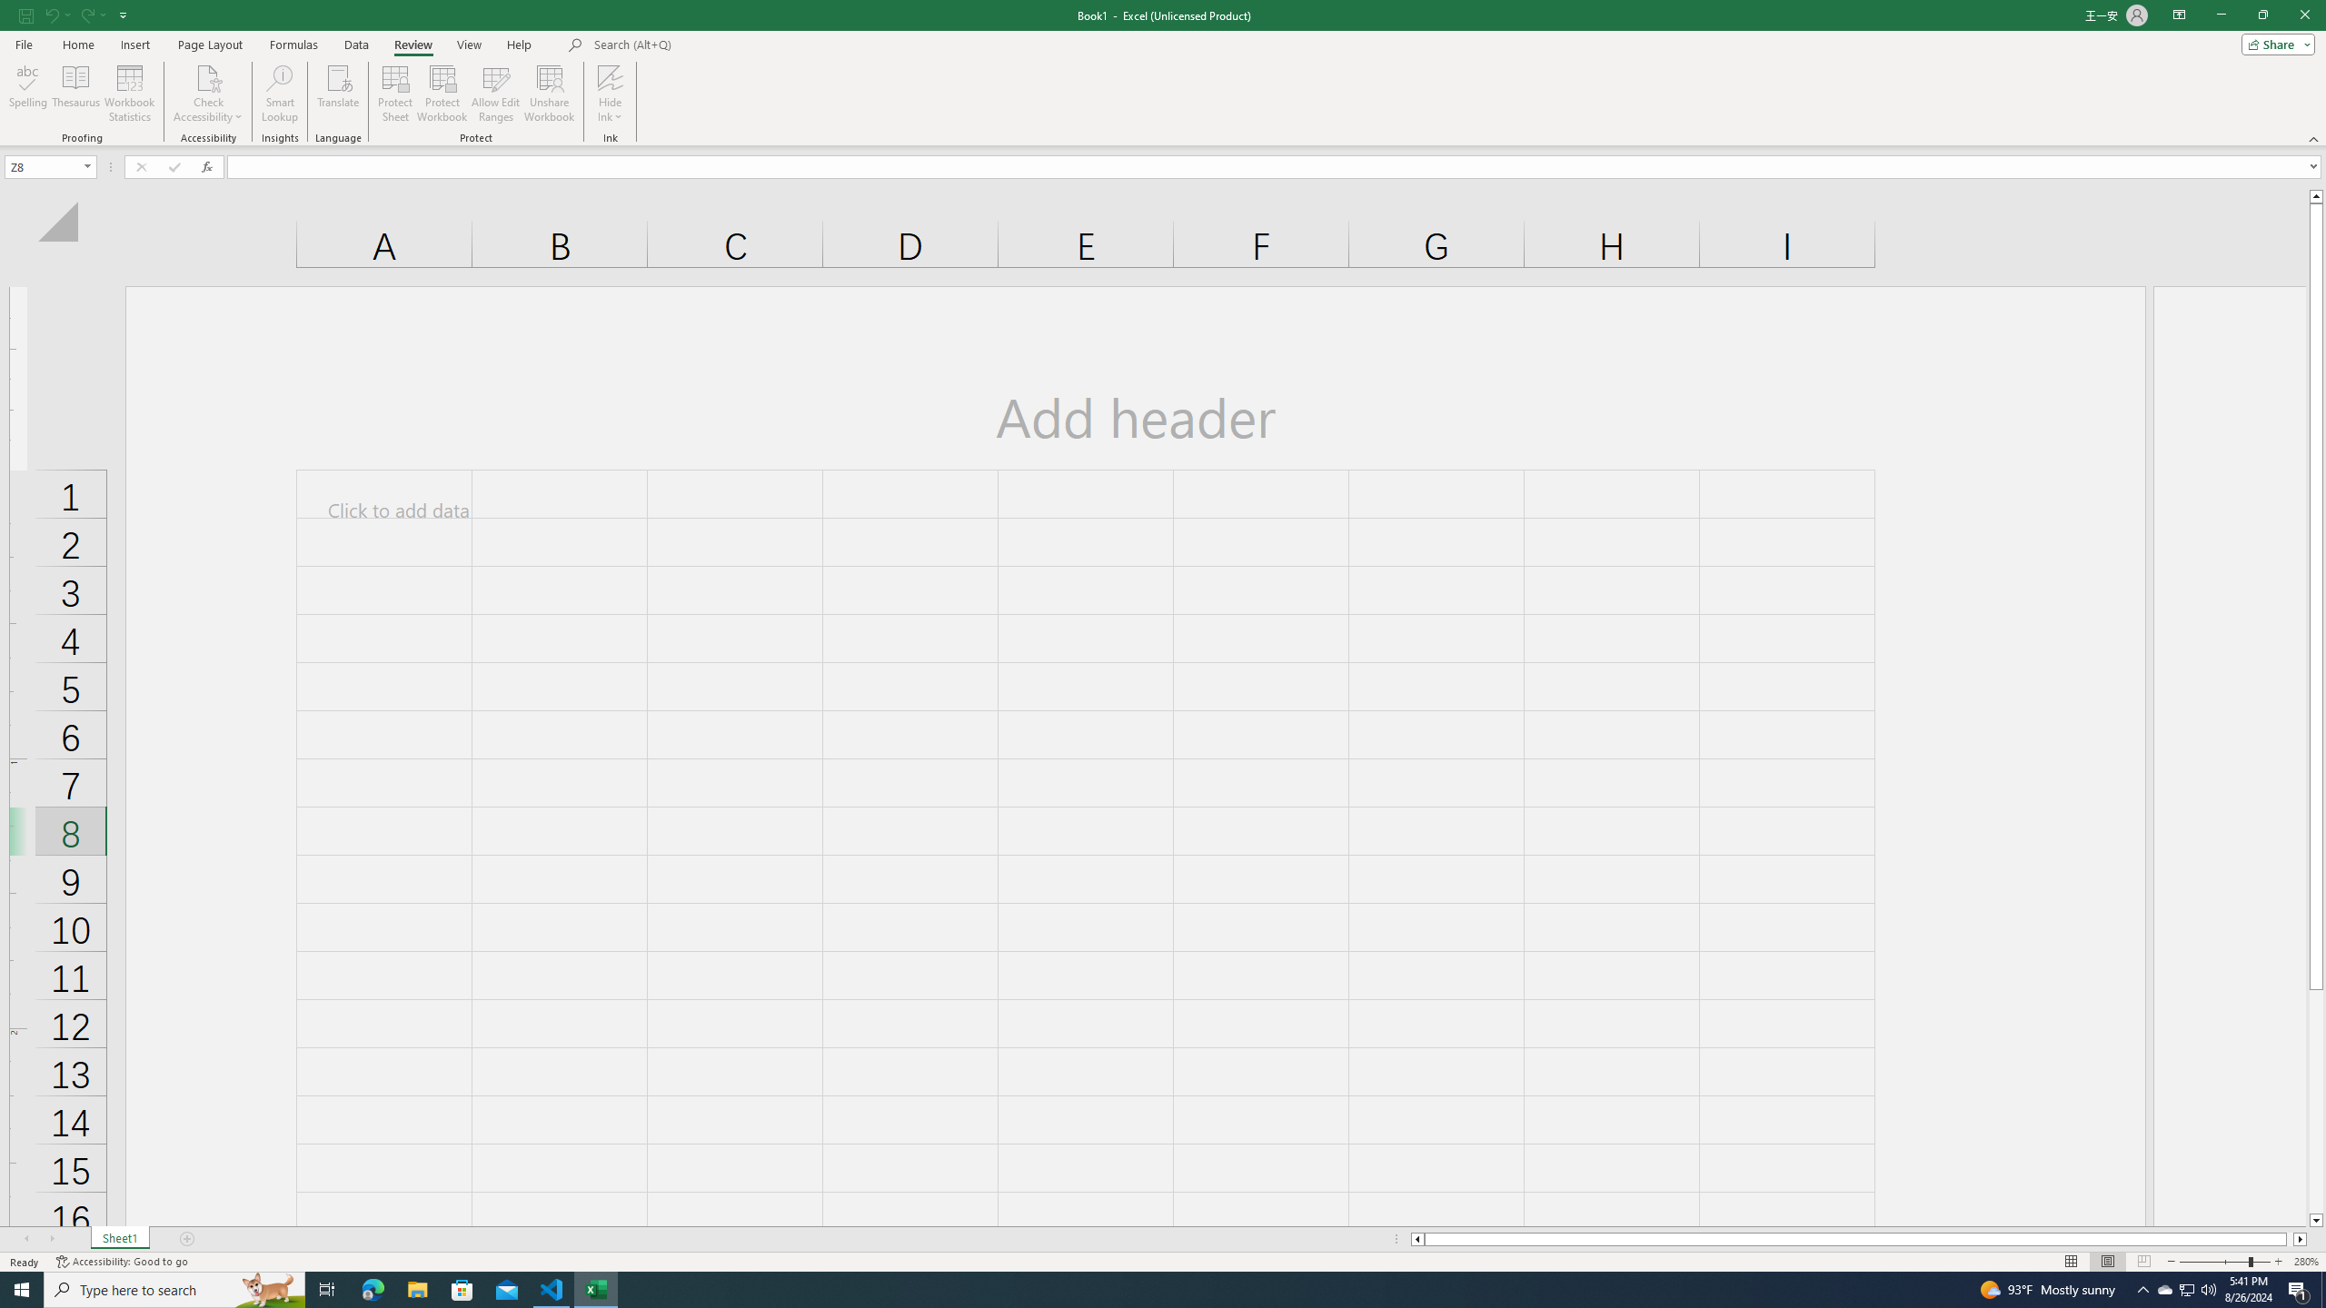 The height and width of the screenshot is (1308, 2326). Describe the element at coordinates (10, 8) in the screenshot. I see `'System'` at that location.